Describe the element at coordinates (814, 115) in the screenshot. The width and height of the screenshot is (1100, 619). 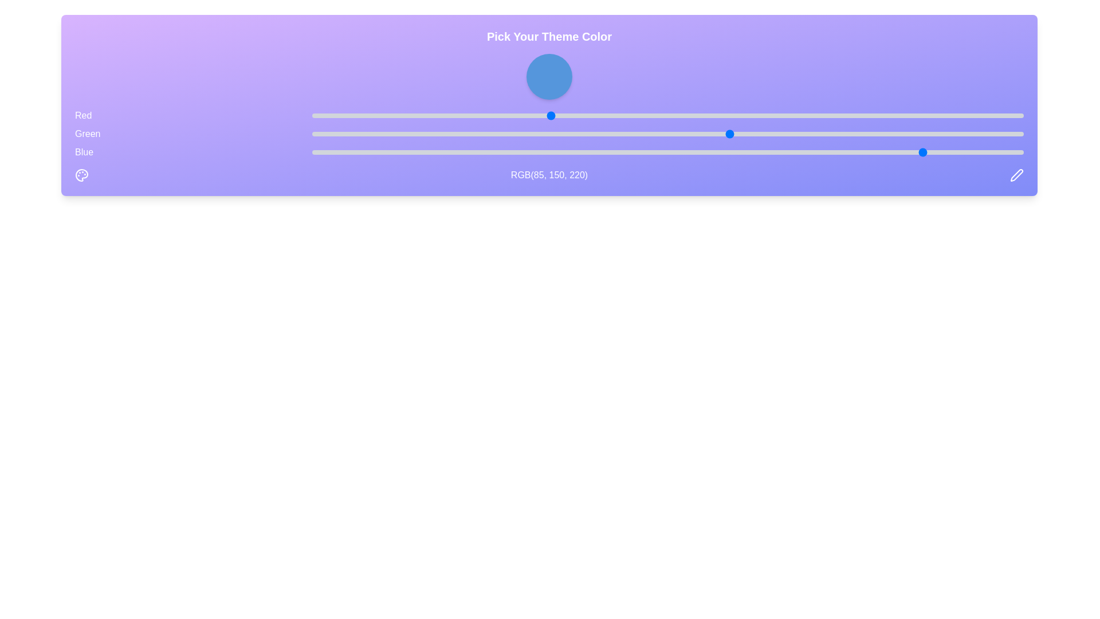
I see `the slider's value` at that location.